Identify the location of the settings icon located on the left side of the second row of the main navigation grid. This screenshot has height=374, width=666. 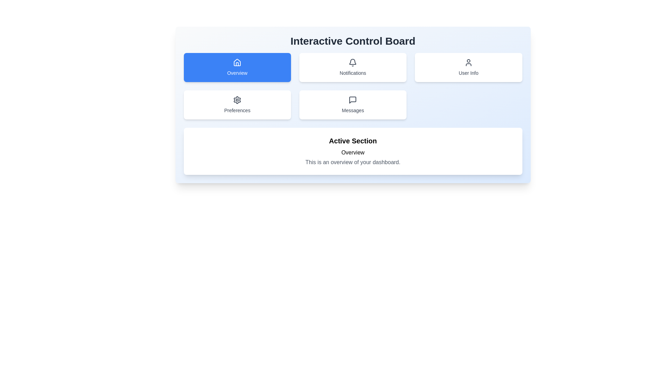
(237, 100).